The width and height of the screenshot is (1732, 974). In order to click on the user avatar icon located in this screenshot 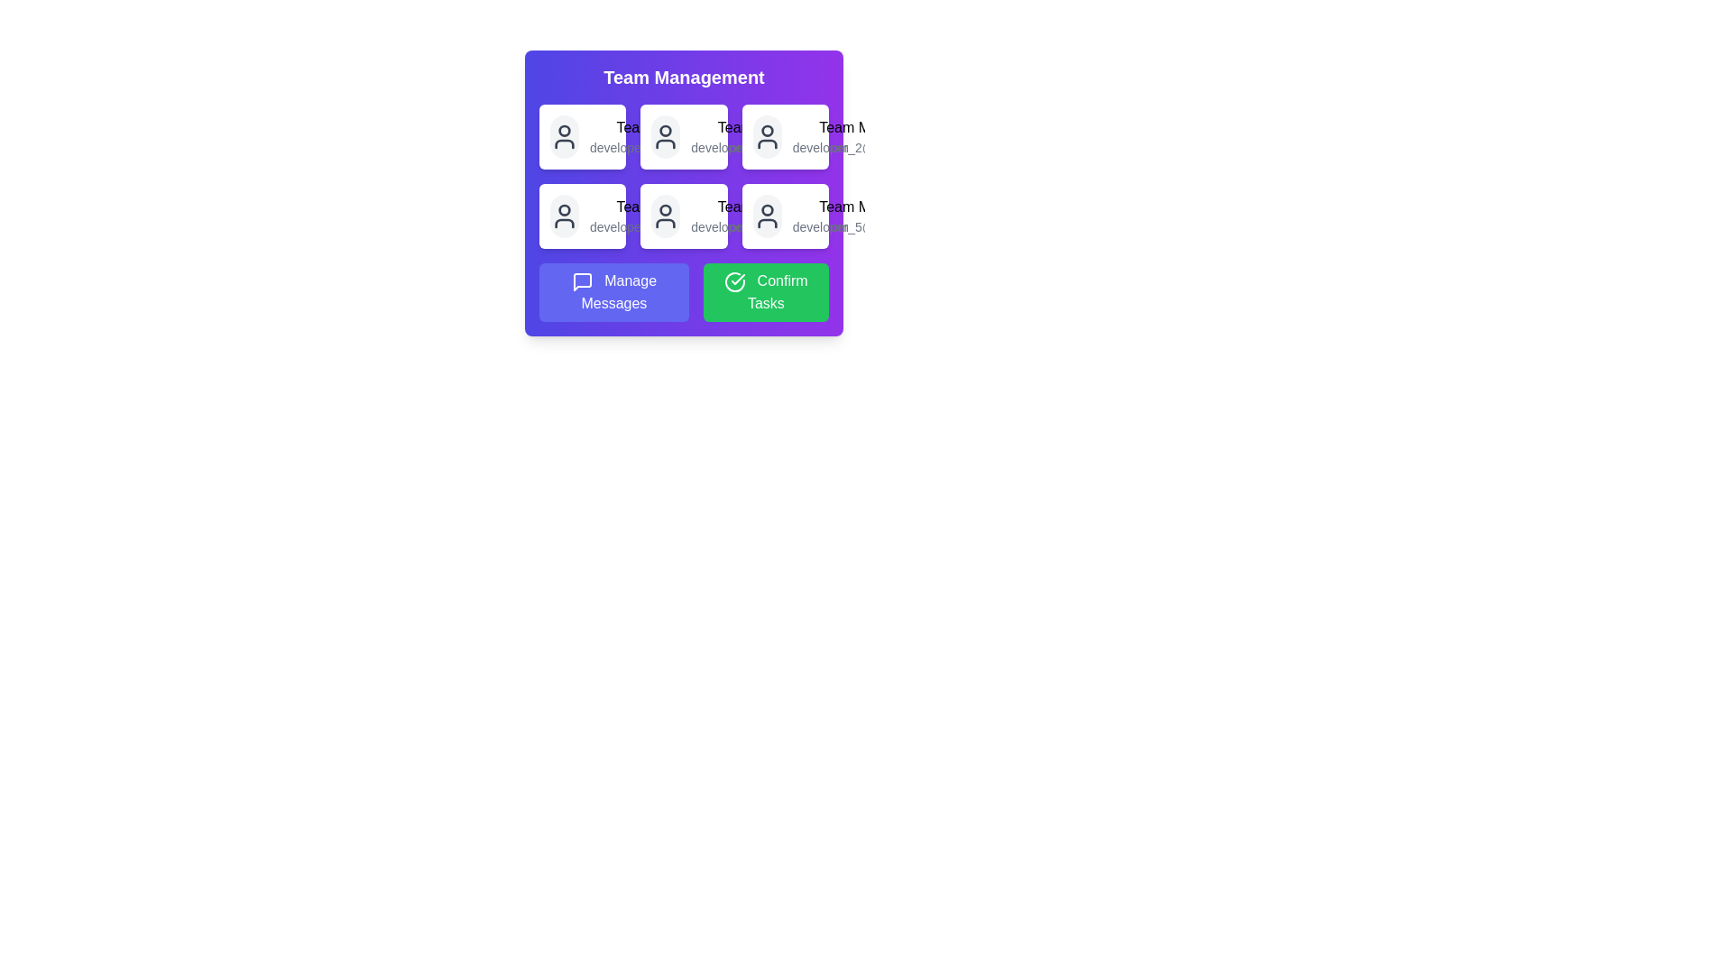, I will do `click(767, 135)`.